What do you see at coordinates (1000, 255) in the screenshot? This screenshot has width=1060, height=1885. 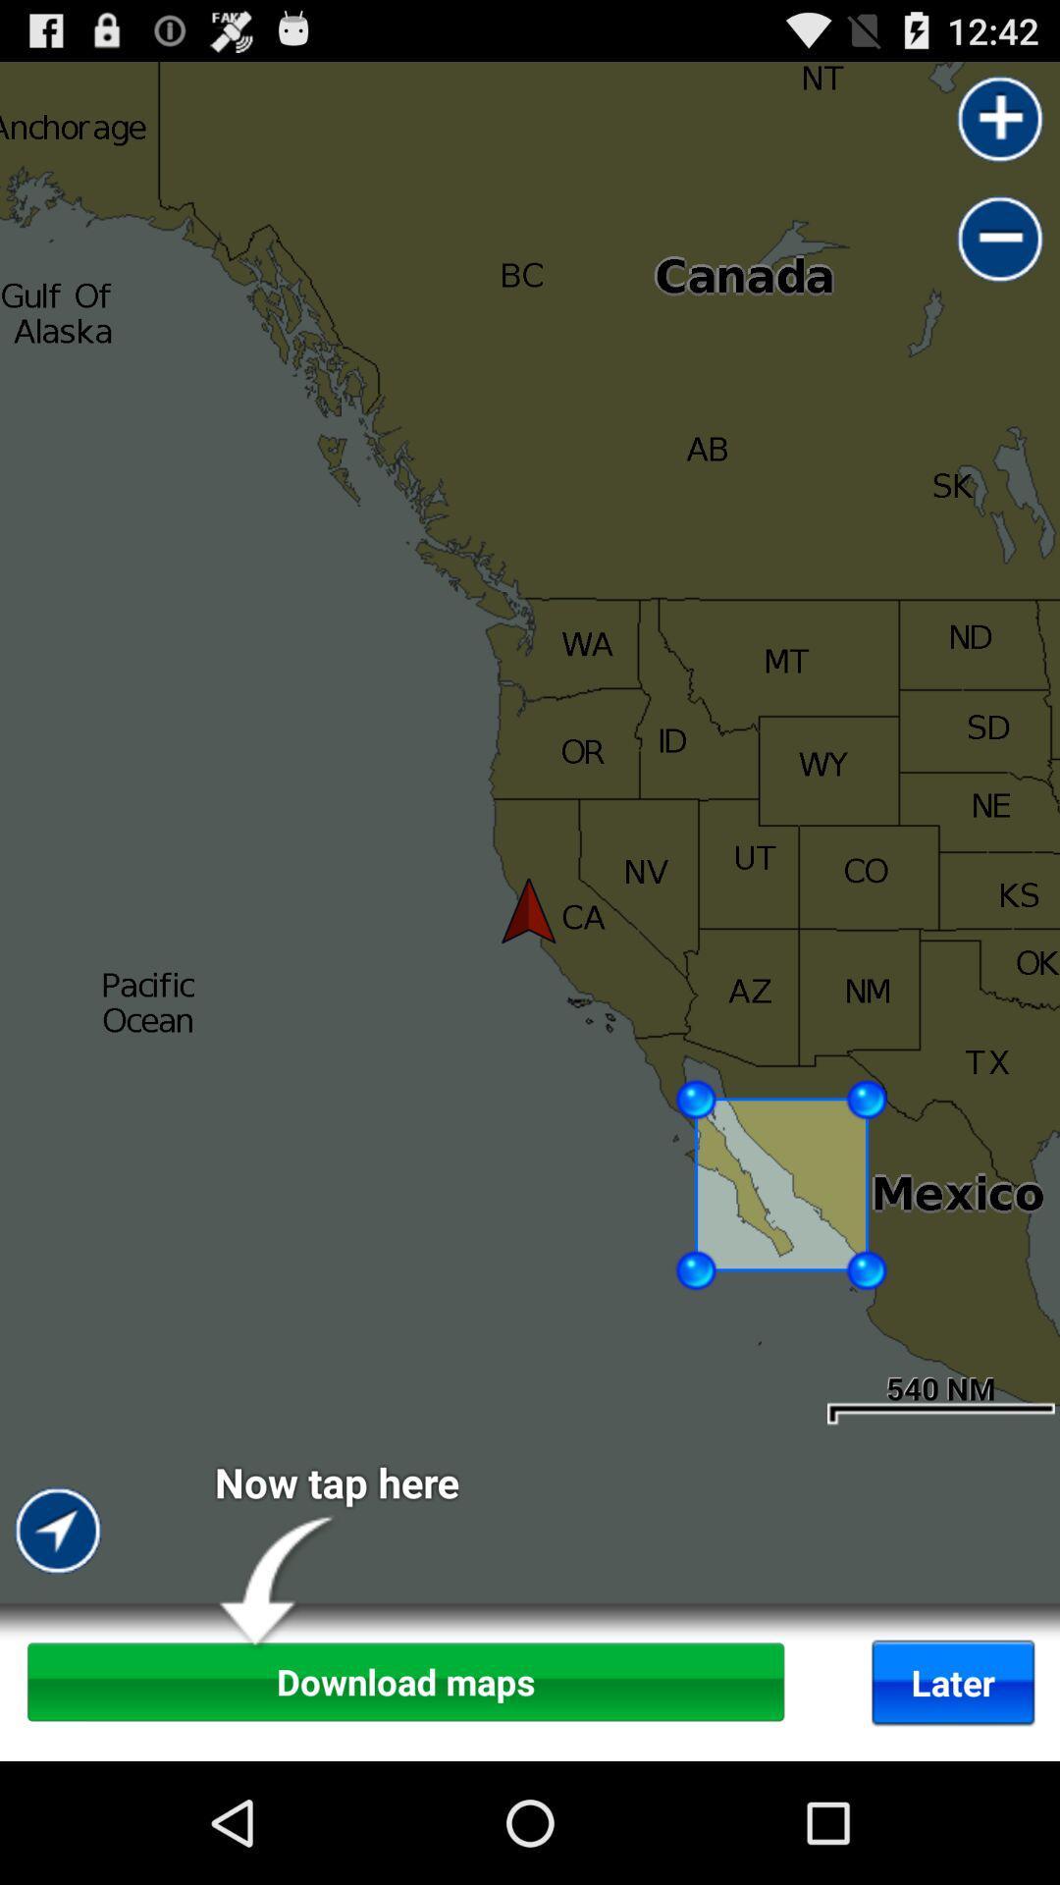 I see `the minus icon` at bounding box center [1000, 255].